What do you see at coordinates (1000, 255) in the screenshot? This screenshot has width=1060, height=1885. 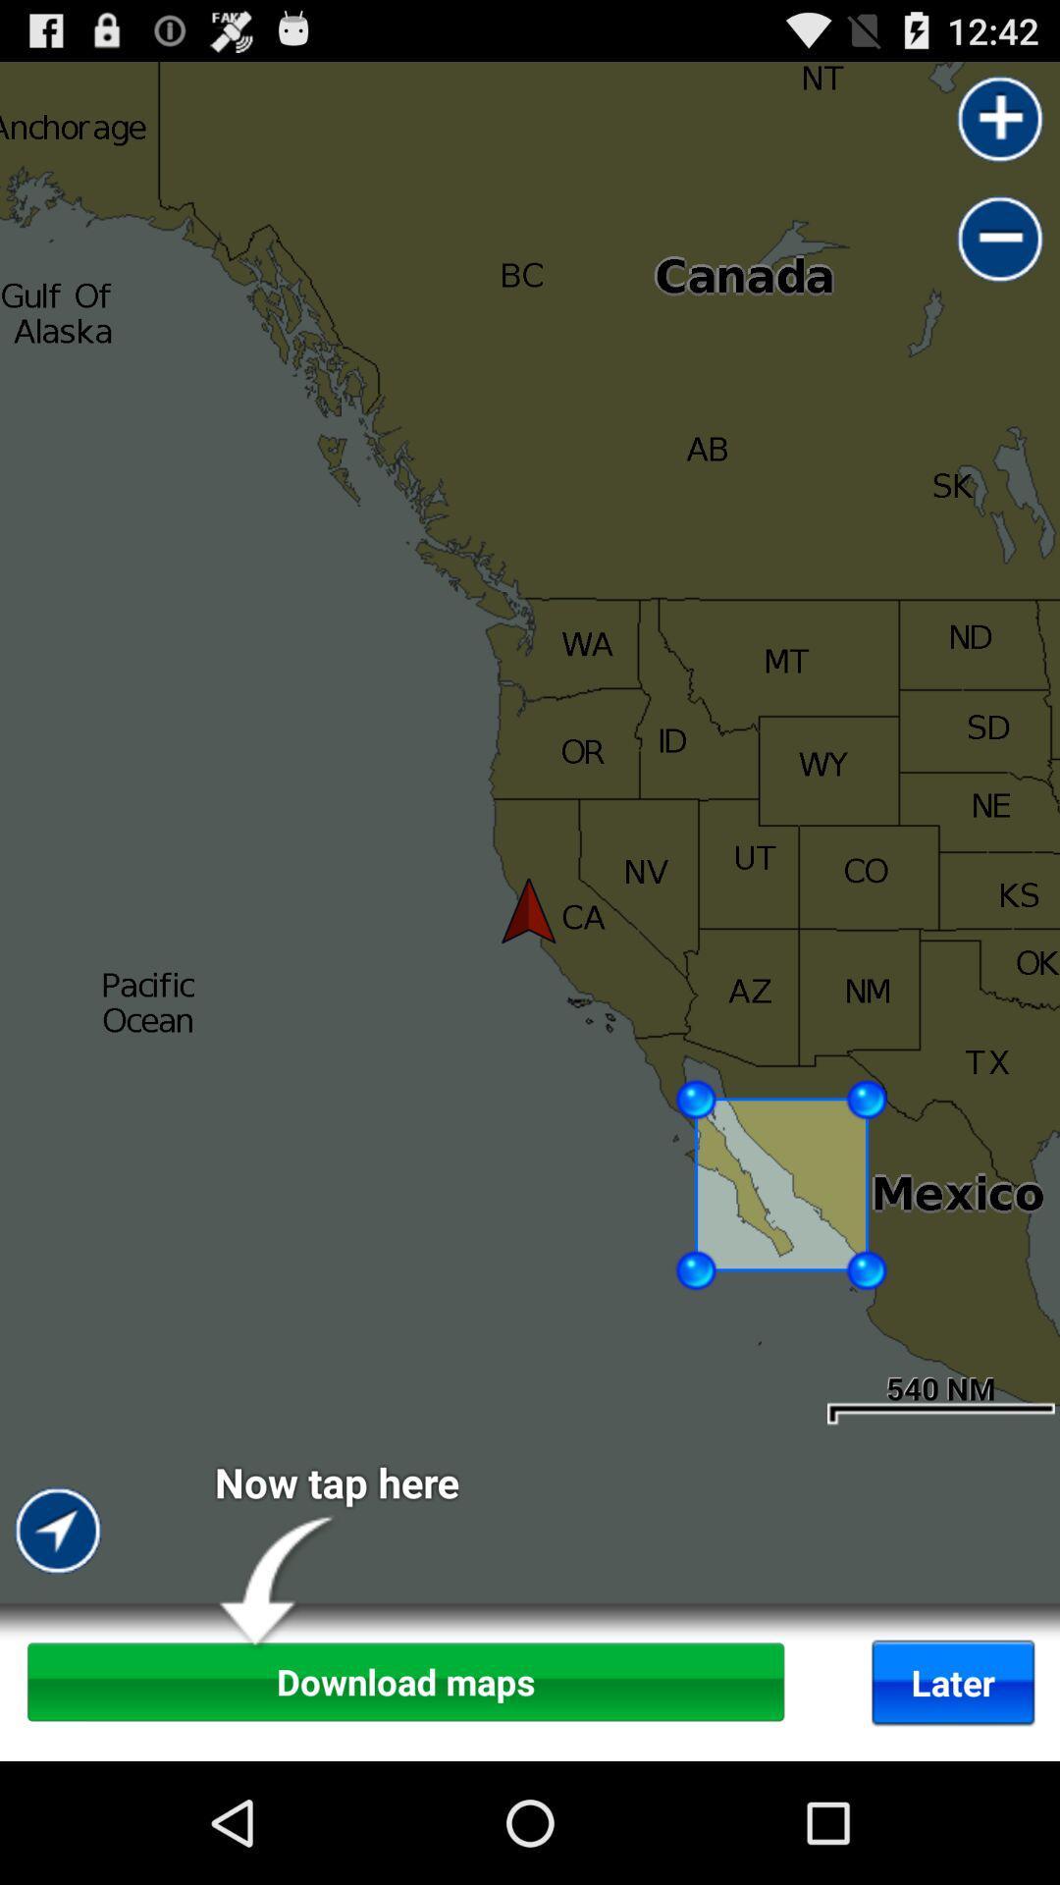 I see `the minus icon` at bounding box center [1000, 255].